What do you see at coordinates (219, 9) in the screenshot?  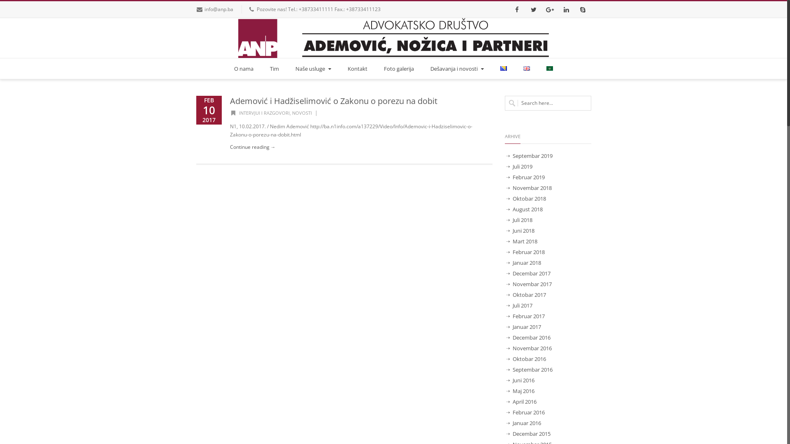 I see `'info@anp.ba'` at bounding box center [219, 9].